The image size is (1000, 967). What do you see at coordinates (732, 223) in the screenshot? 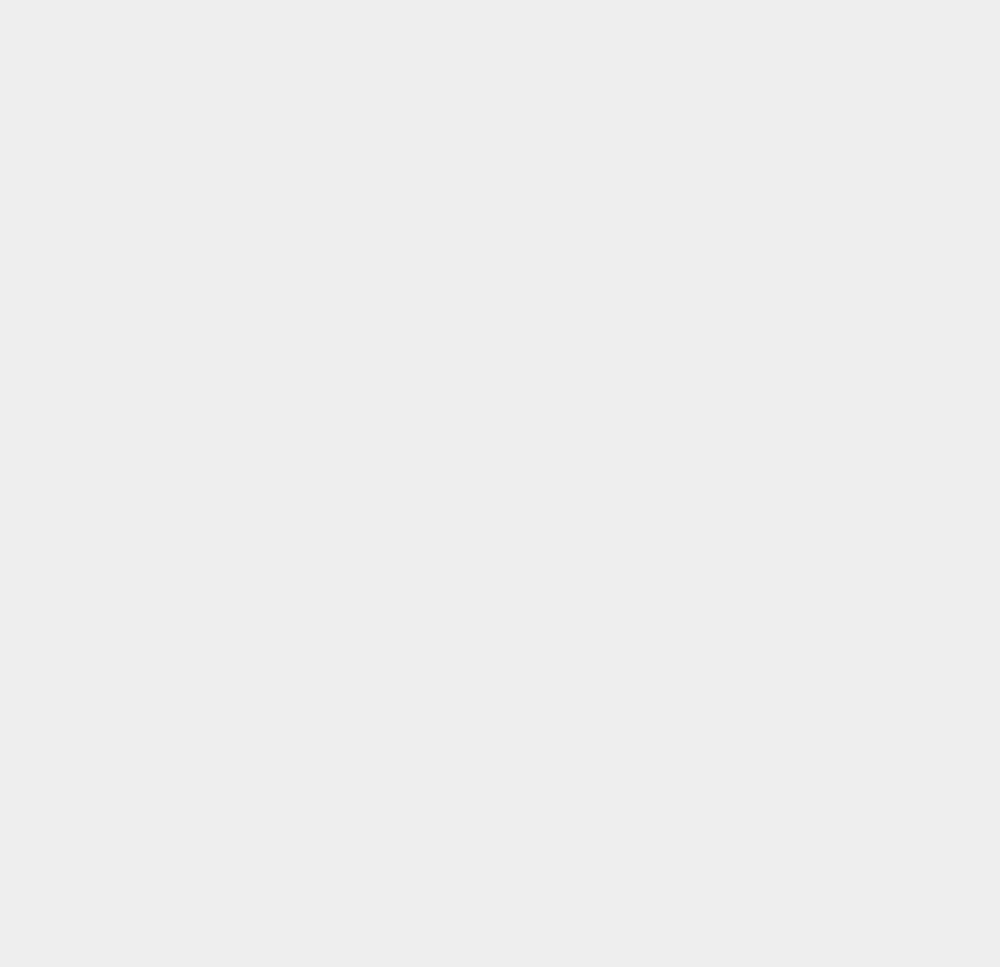
I see `'Apple TV'` at bounding box center [732, 223].